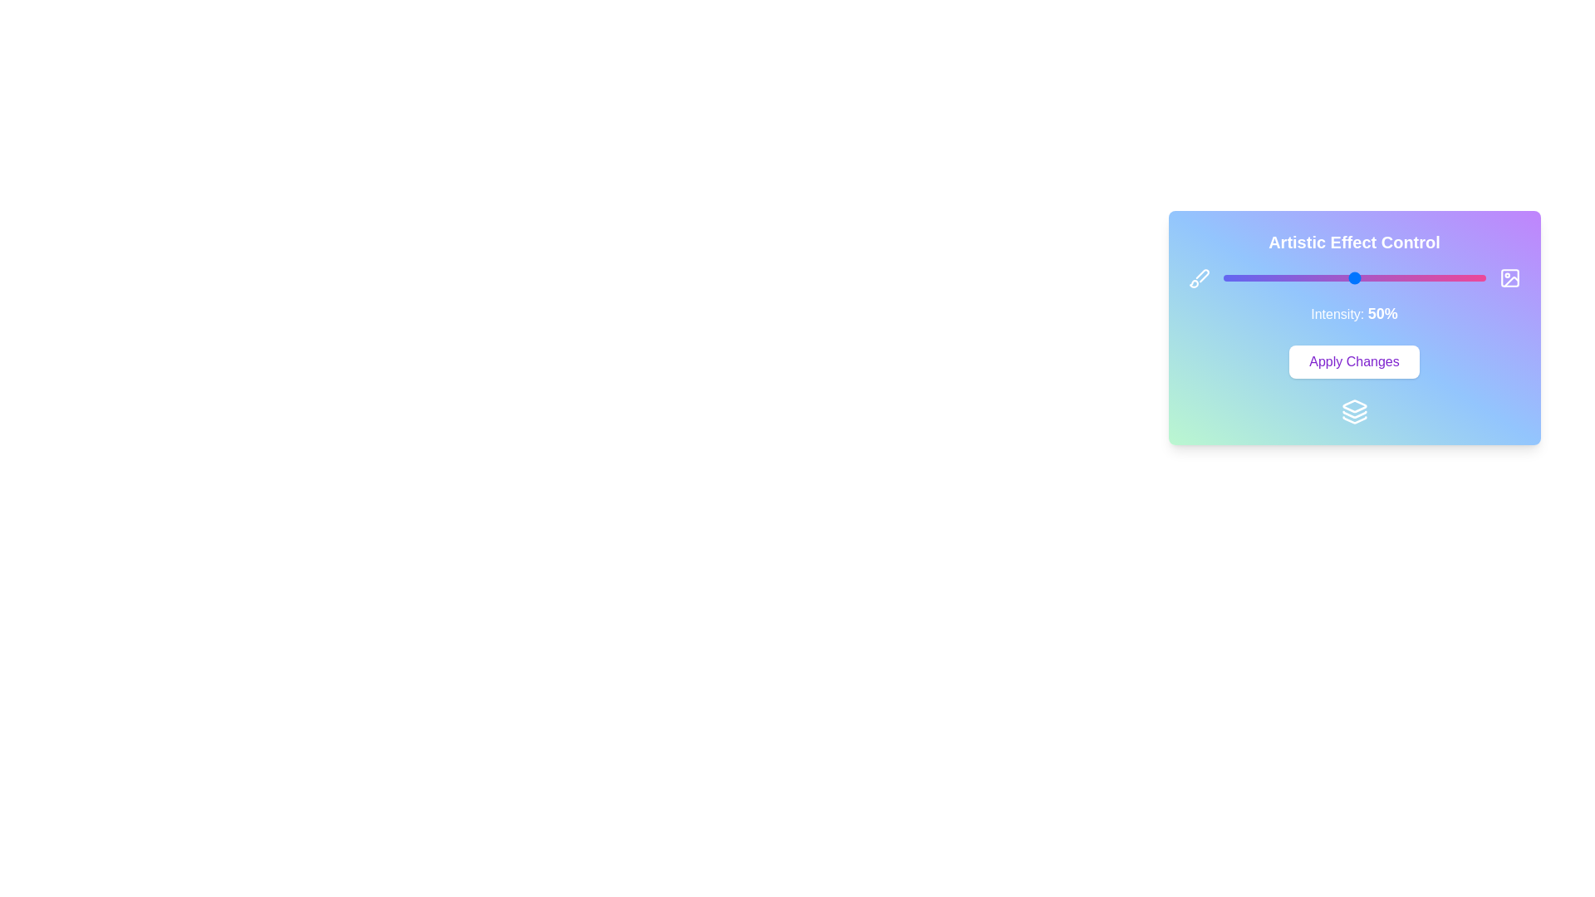 The width and height of the screenshot is (1595, 897). What do you see at coordinates (1252, 277) in the screenshot?
I see `the slider to set the intensity to 11%` at bounding box center [1252, 277].